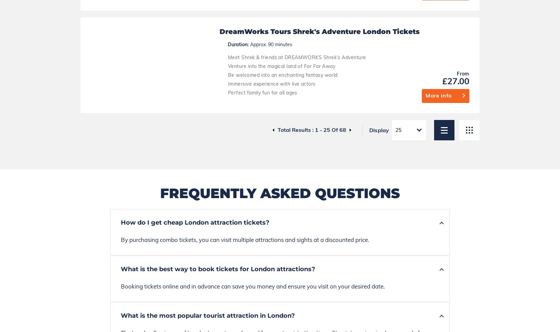 Image resolution: width=560 pixels, height=332 pixels. Describe the element at coordinates (420, 241) in the screenshot. I see `'Open Top Bus Tours'` at that location.